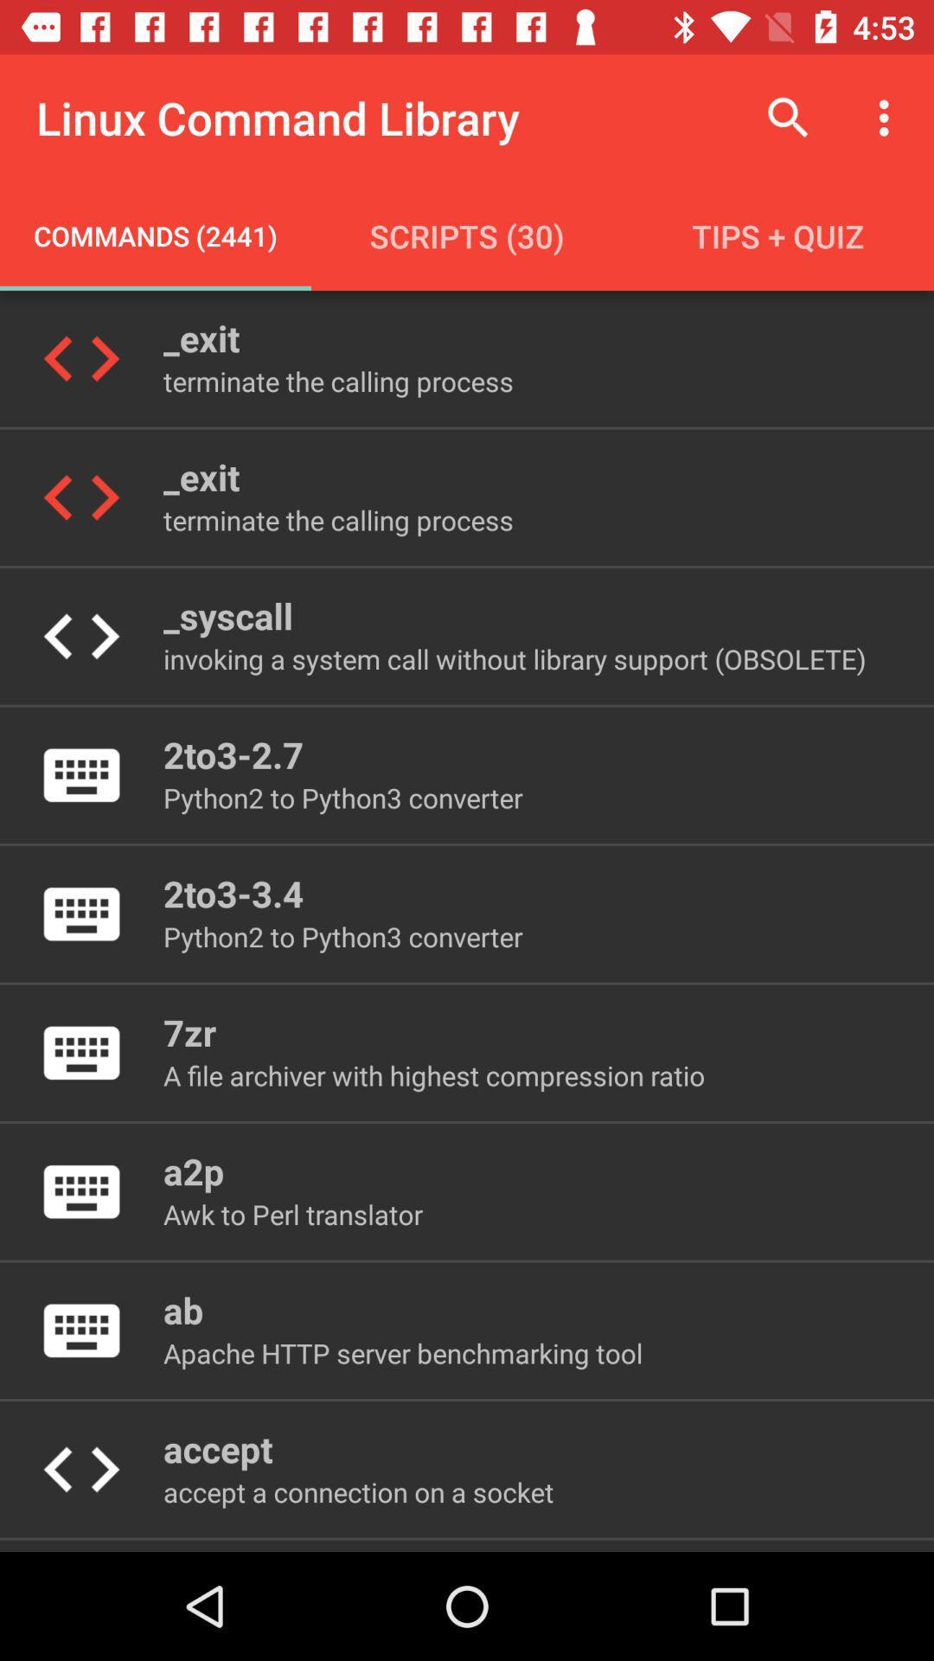 This screenshot has width=934, height=1661. What do you see at coordinates (433, 1074) in the screenshot?
I see `the item below 7zr icon` at bounding box center [433, 1074].